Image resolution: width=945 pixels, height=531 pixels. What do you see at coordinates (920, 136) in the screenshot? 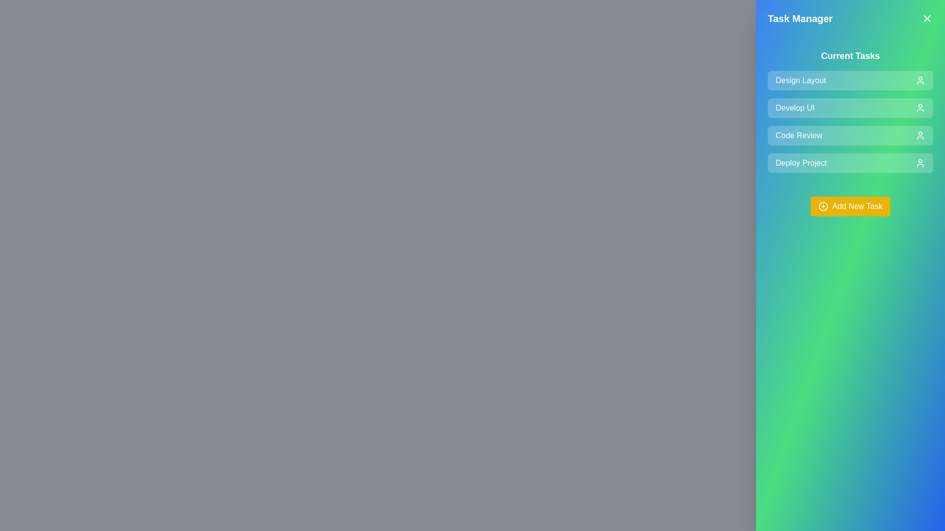
I see `the circular user icon located on the right end of the 'Code Review' task entry within the 'Task Manager' section` at bounding box center [920, 136].